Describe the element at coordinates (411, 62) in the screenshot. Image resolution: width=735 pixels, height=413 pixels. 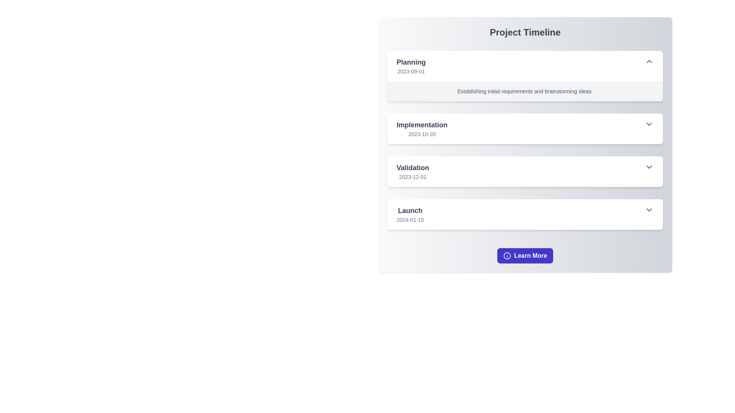
I see `the Text label that serves as the title or header of the first segment of the timeline, summarizing the segment's main theme or purpose` at that location.